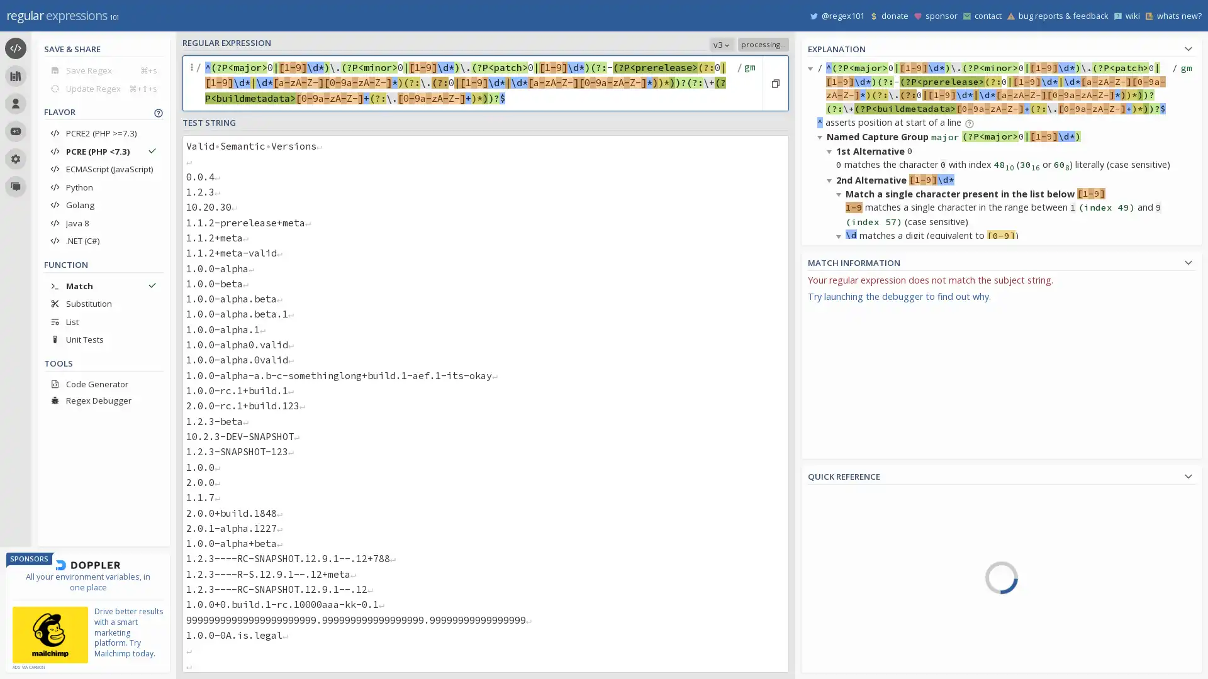 The height and width of the screenshot is (679, 1208). Describe the element at coordinates (866, 593) in the screenshot. I see `Meta Sequences` at that location.